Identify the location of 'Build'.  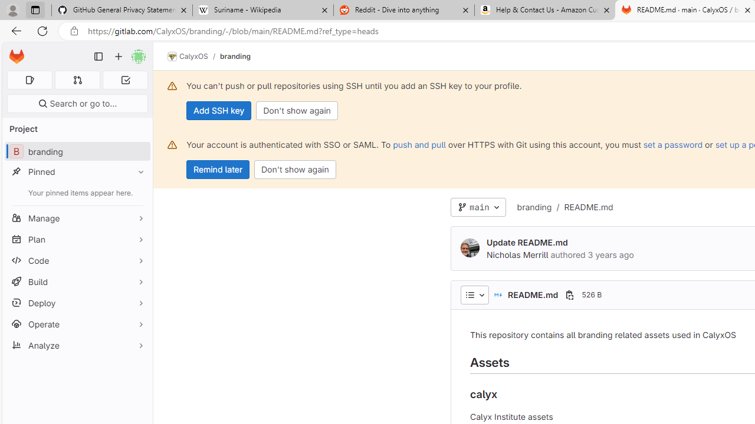
(77, 281).